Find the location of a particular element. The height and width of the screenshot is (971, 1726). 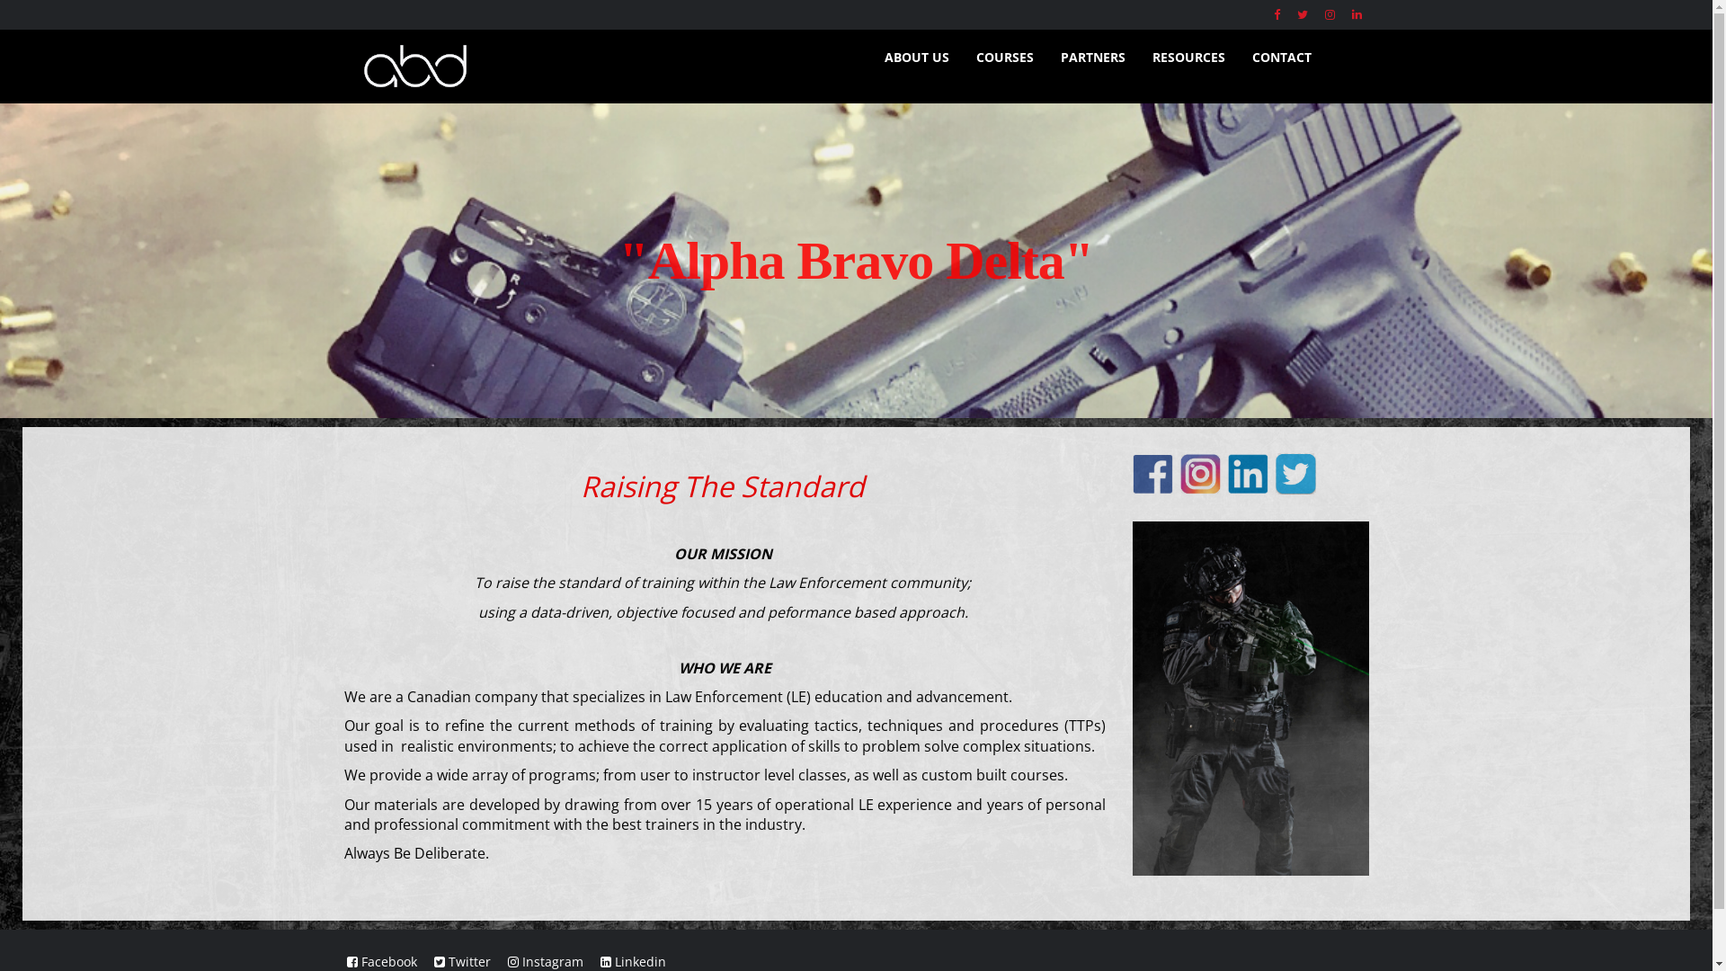

'Twitter' is located at coordinates (461, 960).